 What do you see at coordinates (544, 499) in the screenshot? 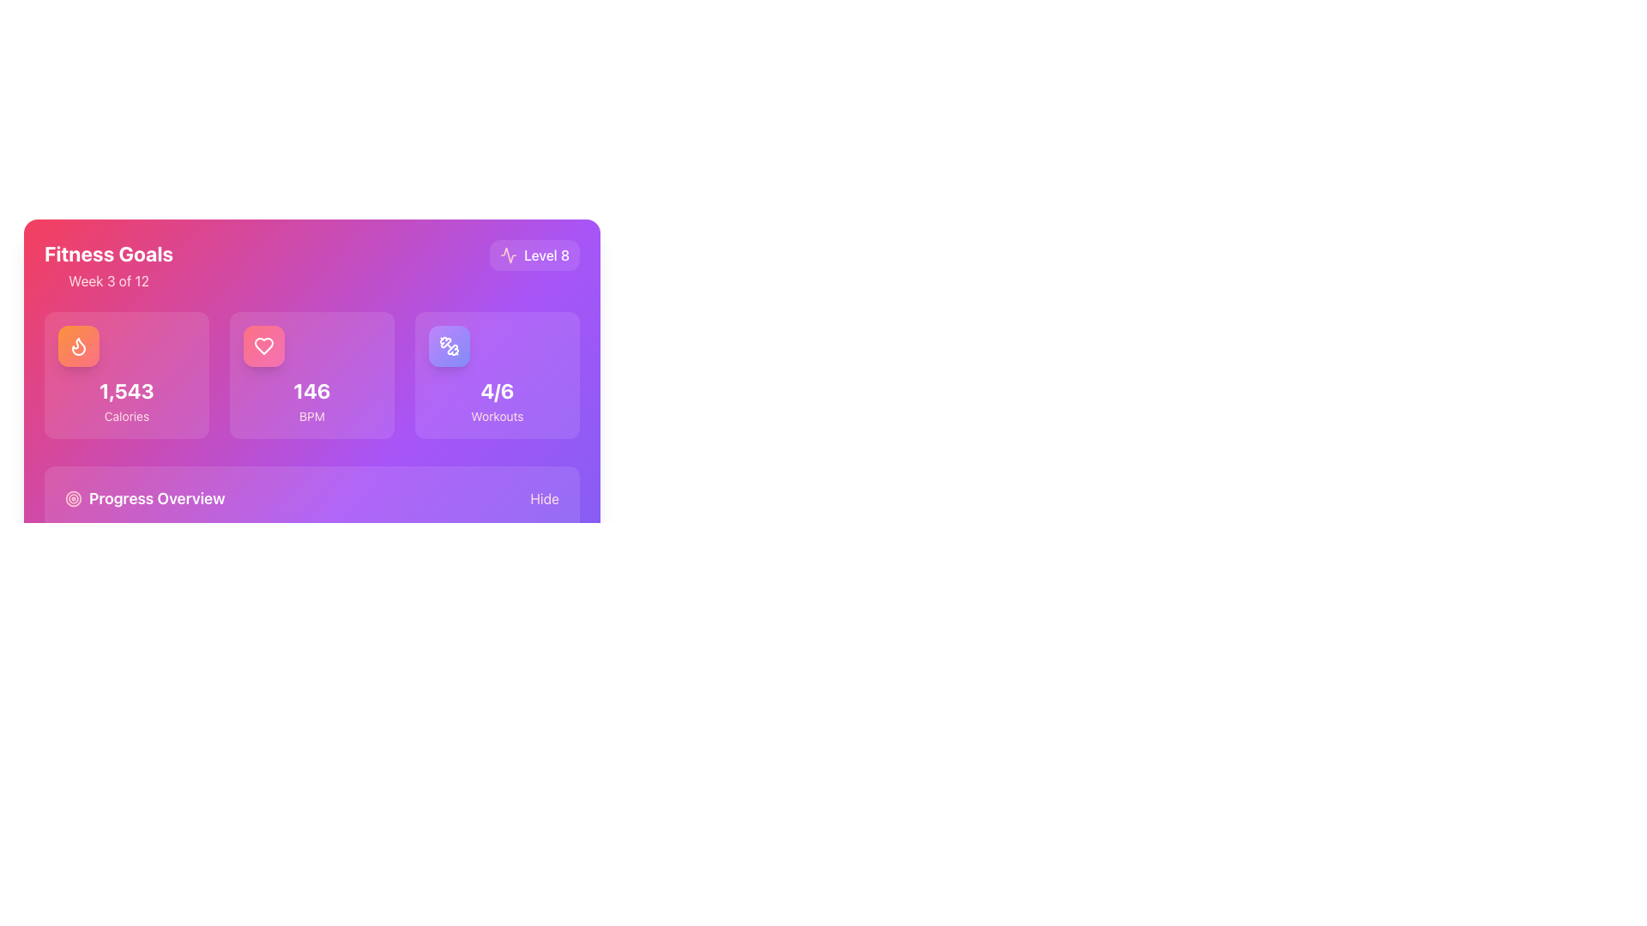
I see `the toggle button located at the bottom-right area of the 'Progress Overview' section` at bounding box center [544, 499].